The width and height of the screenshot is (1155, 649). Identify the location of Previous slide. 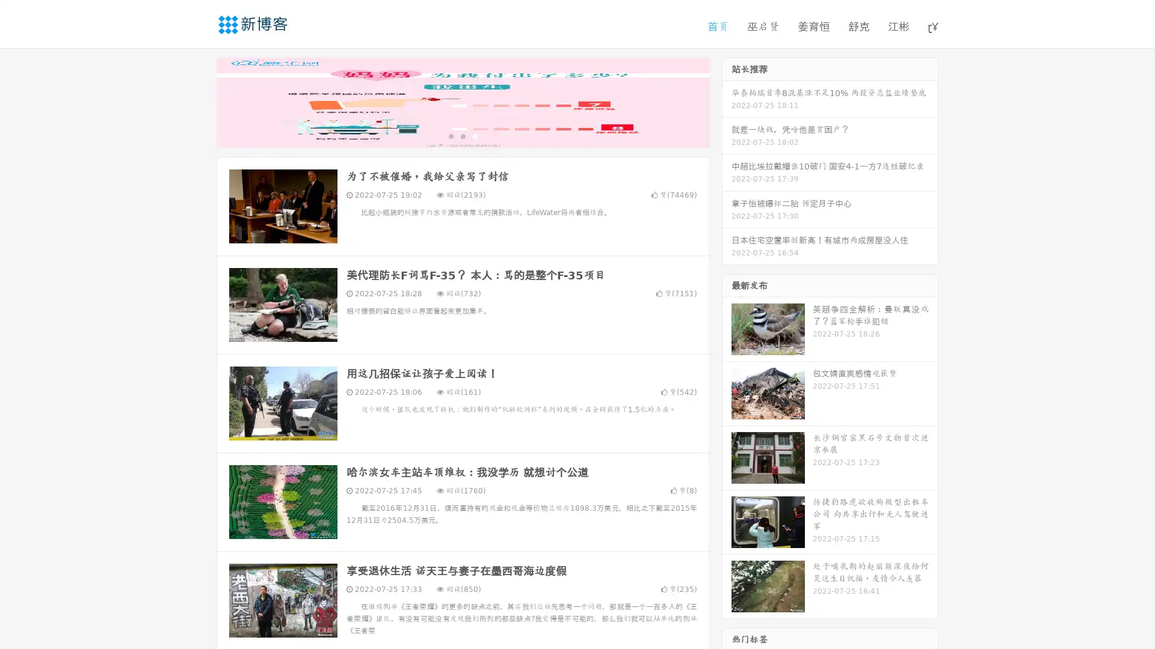
(199, 101).